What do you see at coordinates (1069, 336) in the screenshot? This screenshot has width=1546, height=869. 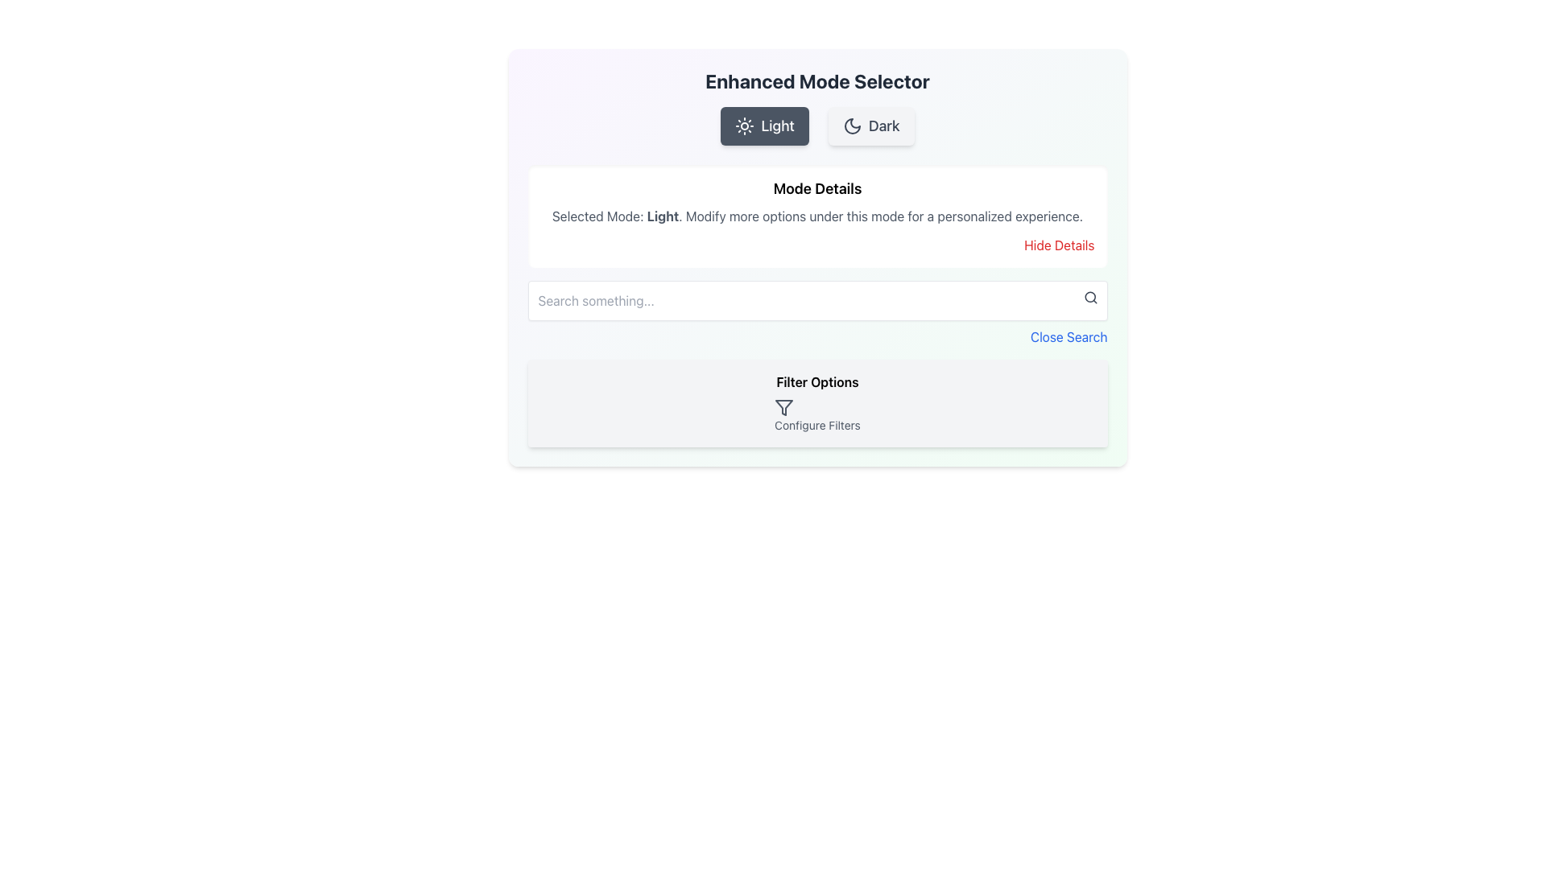 I see `the text-based hyperlink styled as a button located in the lower-right corner below the search bar` at bounding box center [1069, 336].